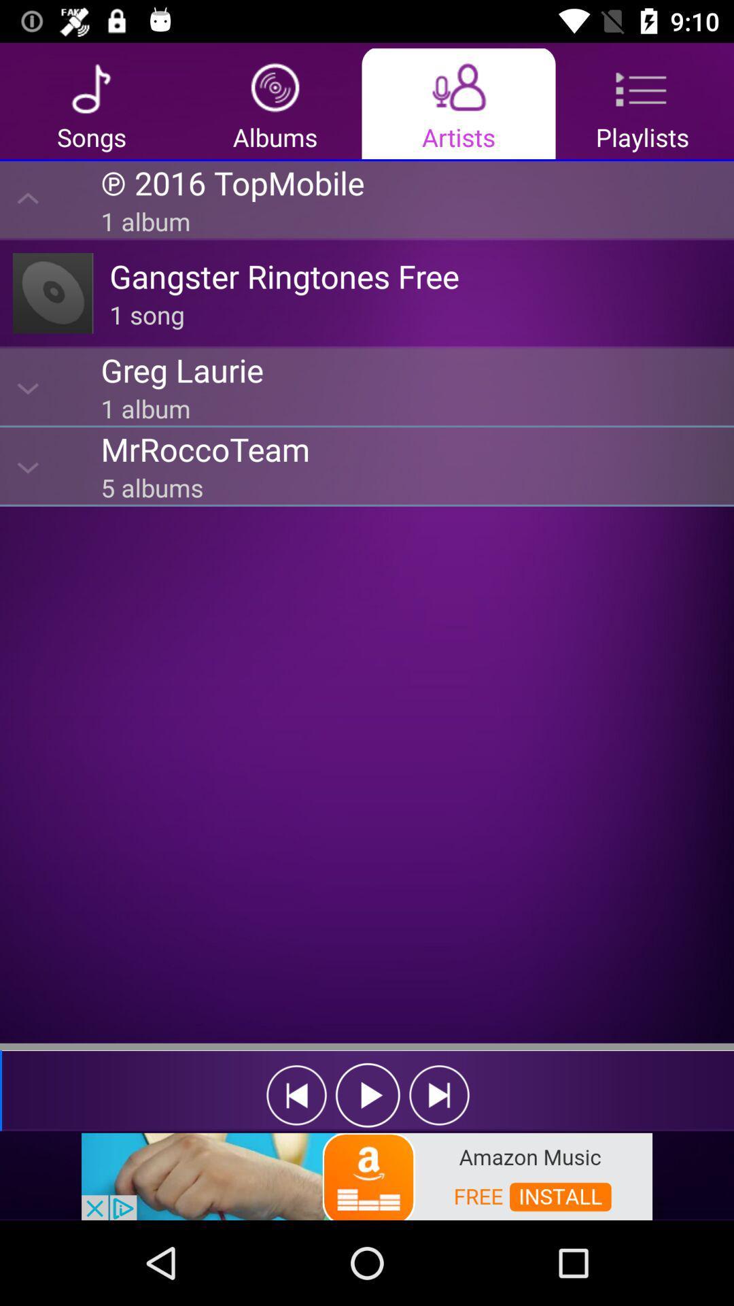 The height and width of the screenshot is (1306, 734). Describe the element at coordinates (275, 102) in the screenshot. I see `albums option at top` at that location.